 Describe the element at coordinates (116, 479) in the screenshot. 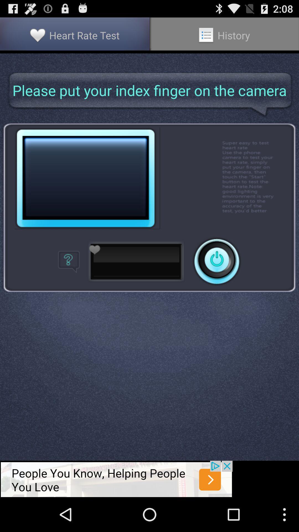

I see `advadisement` at that location.